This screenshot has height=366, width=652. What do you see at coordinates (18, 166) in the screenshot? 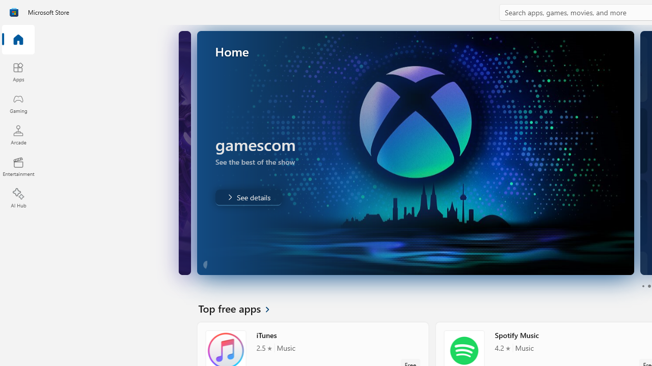
I see `'Entertainment'` at bounding box center [18, 166].